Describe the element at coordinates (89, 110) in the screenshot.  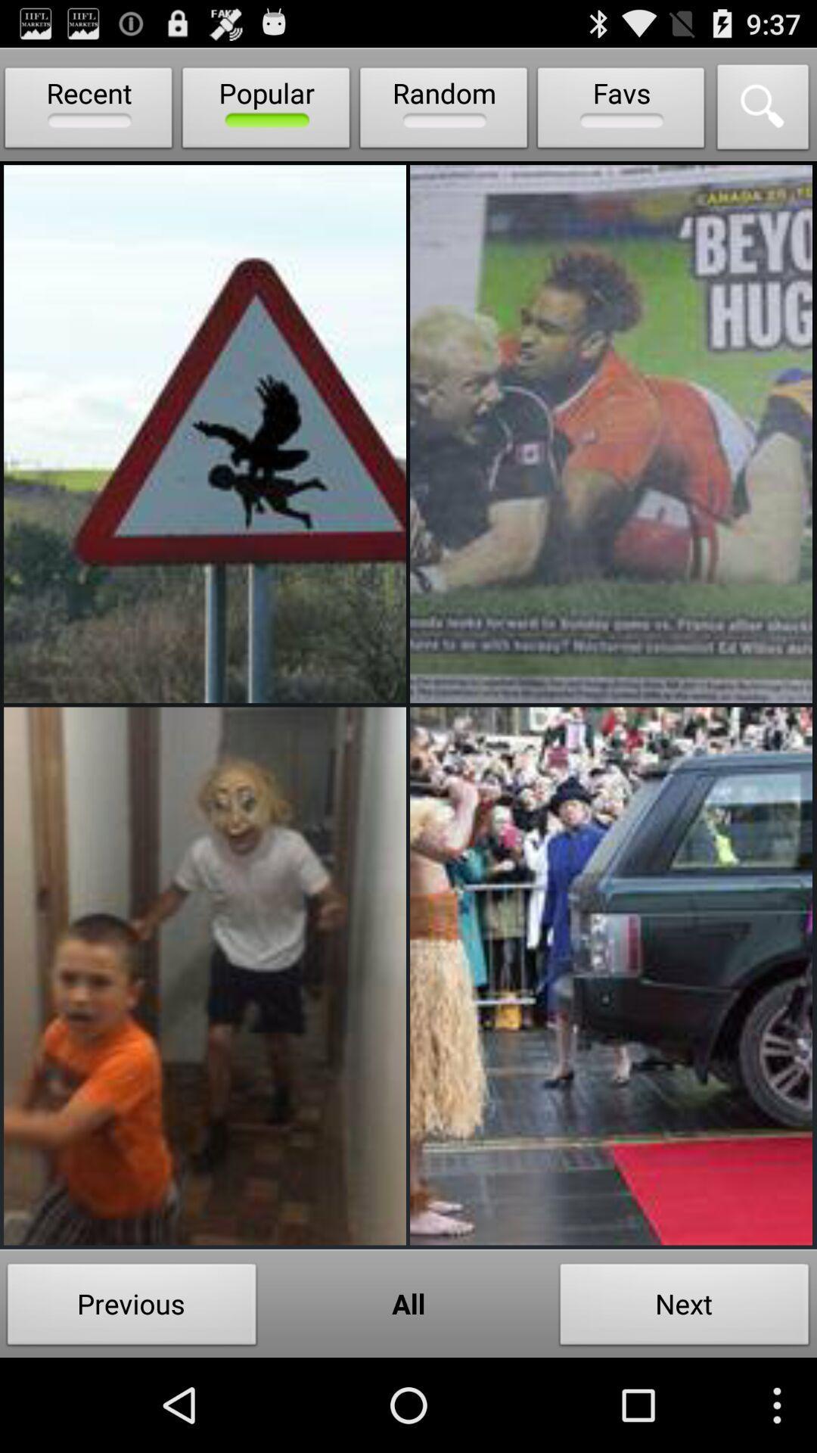
I see `the item next to the popular item` at that location.